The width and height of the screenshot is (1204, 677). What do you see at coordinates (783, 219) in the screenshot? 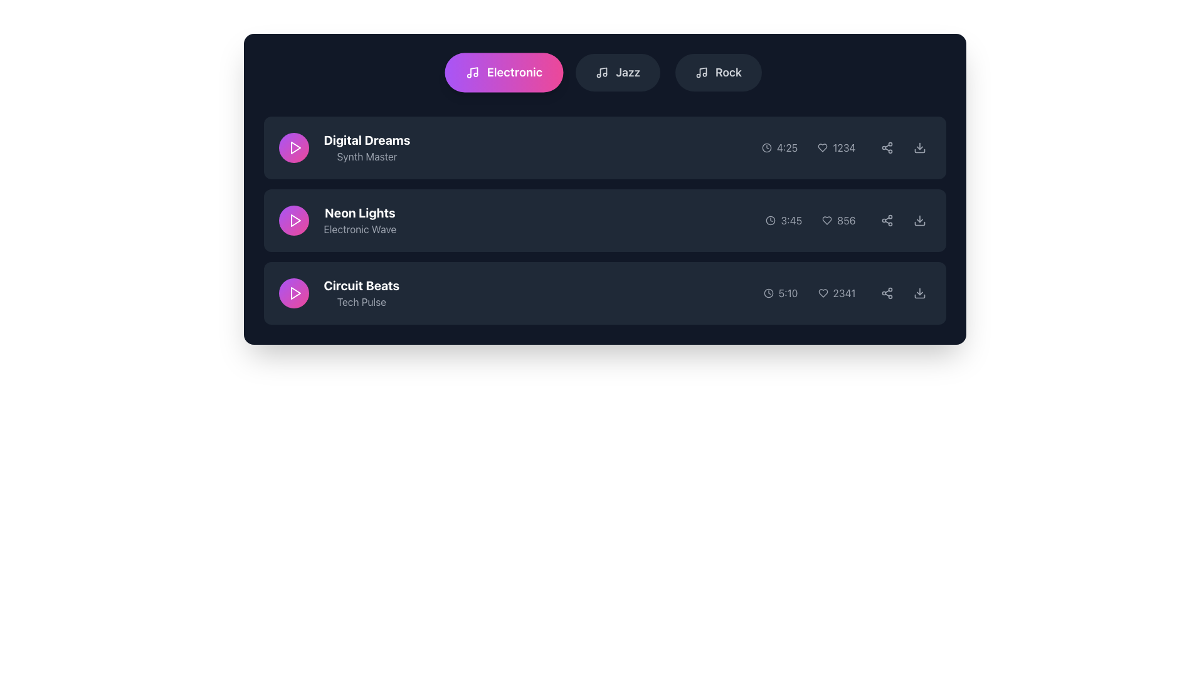
I see `the icon and text label indicating the duration associated with the 'Neon Lights' item, located towards the right side of the interface near the middle row of a list` at bounding box center [783, 219].